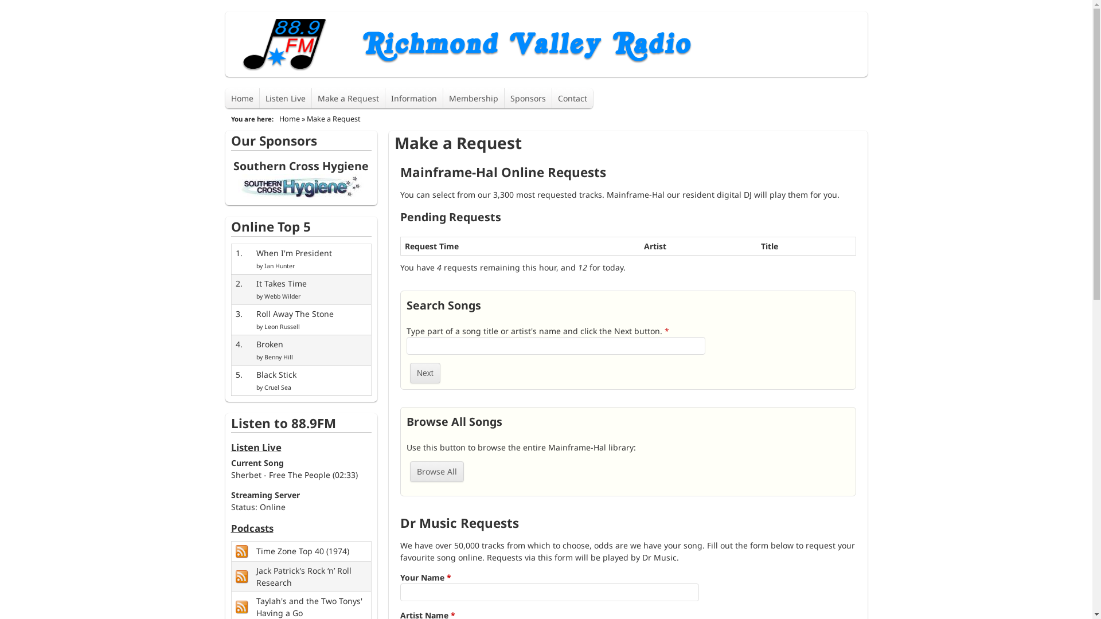 The width and height of the screenshot is (1101, 619). Describe the element at coordinates (528, 97) in the screenshot. I see `'Sponsors'` at that location.